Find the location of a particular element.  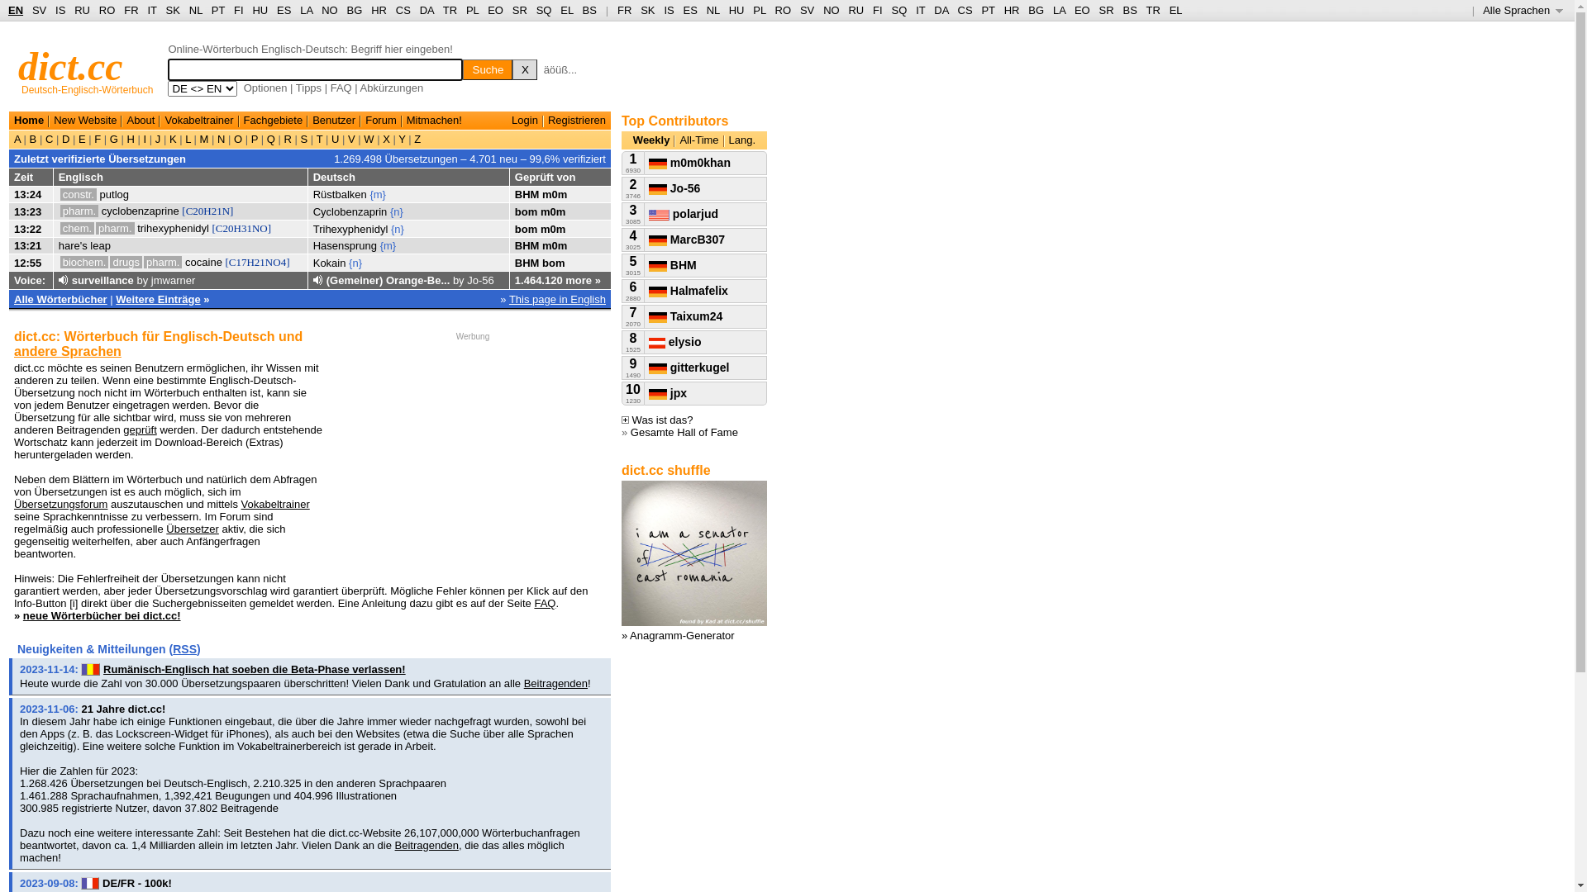

'Beitragenden' is located at coordinates (555, 683).